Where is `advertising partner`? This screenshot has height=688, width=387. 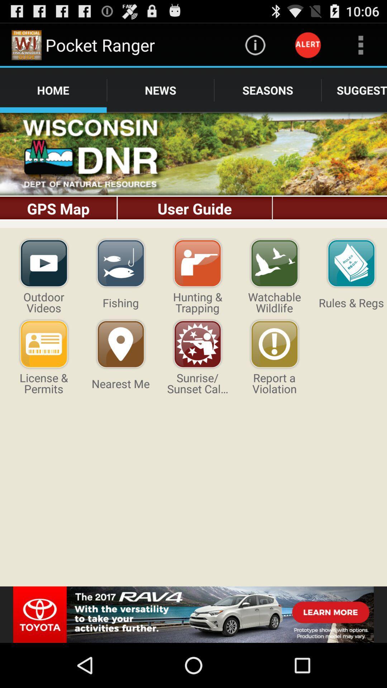
advertising partner is located at coordinates (193, 614).